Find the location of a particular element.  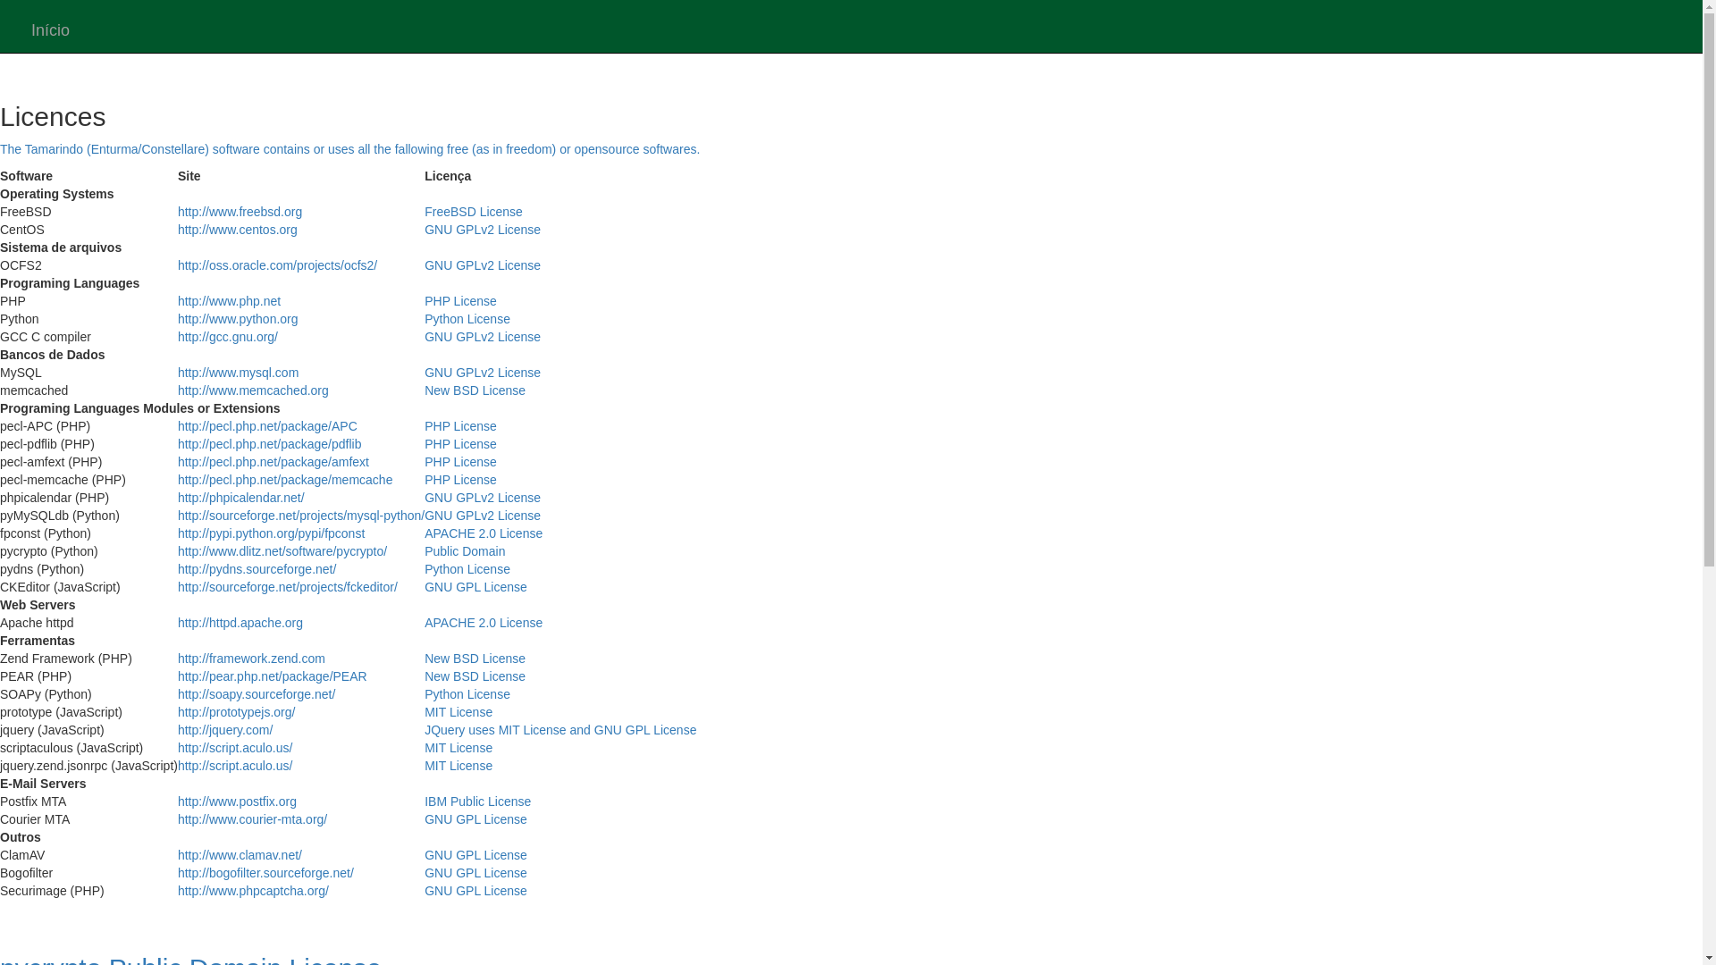

'http://phpicalendar.net/' is located at coordinates (240, 497).